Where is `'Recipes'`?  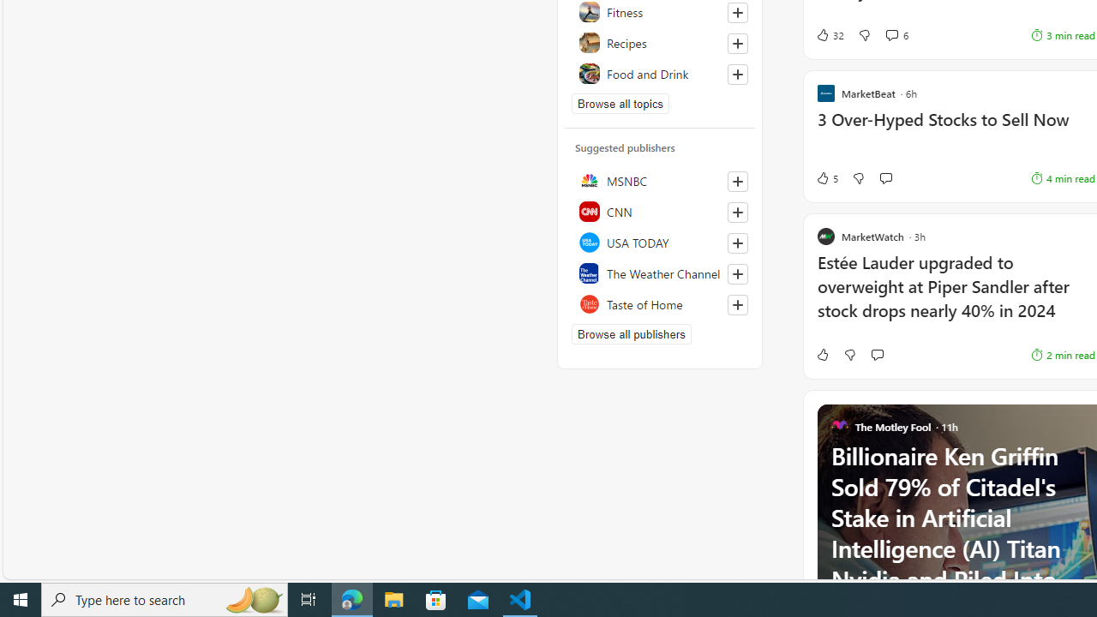 'Recipes' is located at coordinates (659, 42).